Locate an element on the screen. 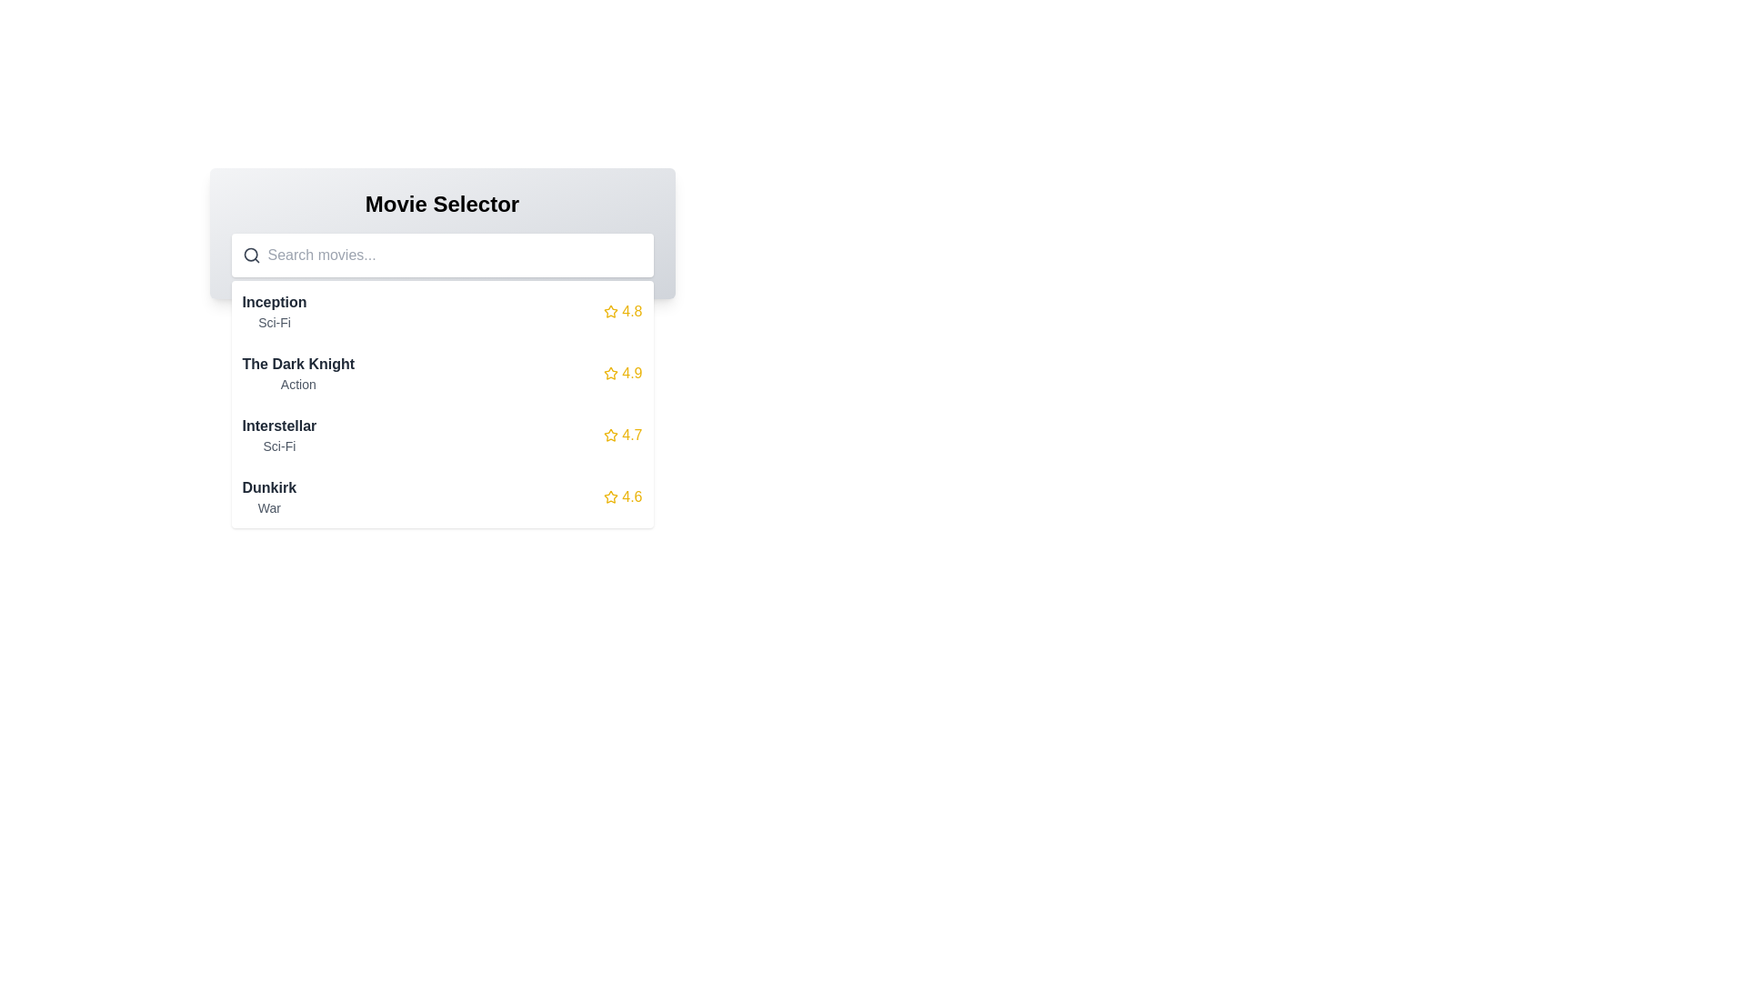 This screenshot has height=982, width=1746. the second selectable list item labeled 'The Dark Knight' with a subtitle 'Action' and a rating of '4.9' is located at coordinates (442, 373).